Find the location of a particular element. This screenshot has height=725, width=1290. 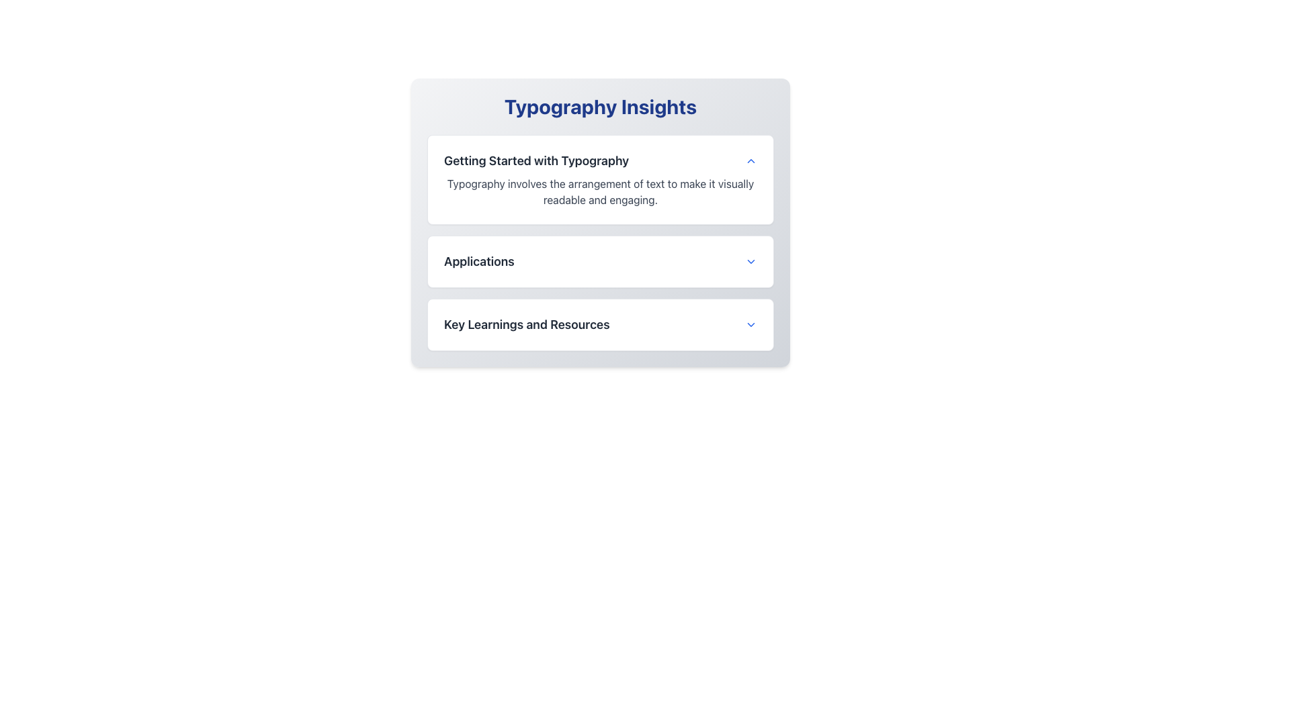

text content of the collapsible section header titled 'Getting Started with Typography' which includes a description about typography is located at coordinates (599, 179).